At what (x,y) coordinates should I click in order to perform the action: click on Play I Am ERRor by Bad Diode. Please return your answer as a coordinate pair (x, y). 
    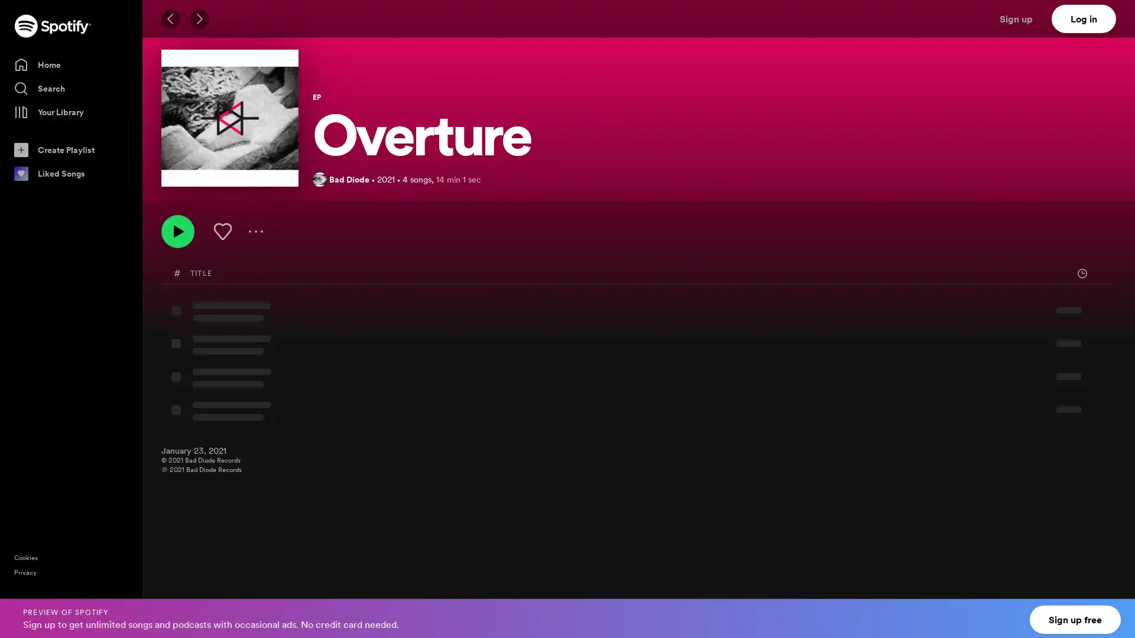
    Looking at the image, I should click on (176, 409).